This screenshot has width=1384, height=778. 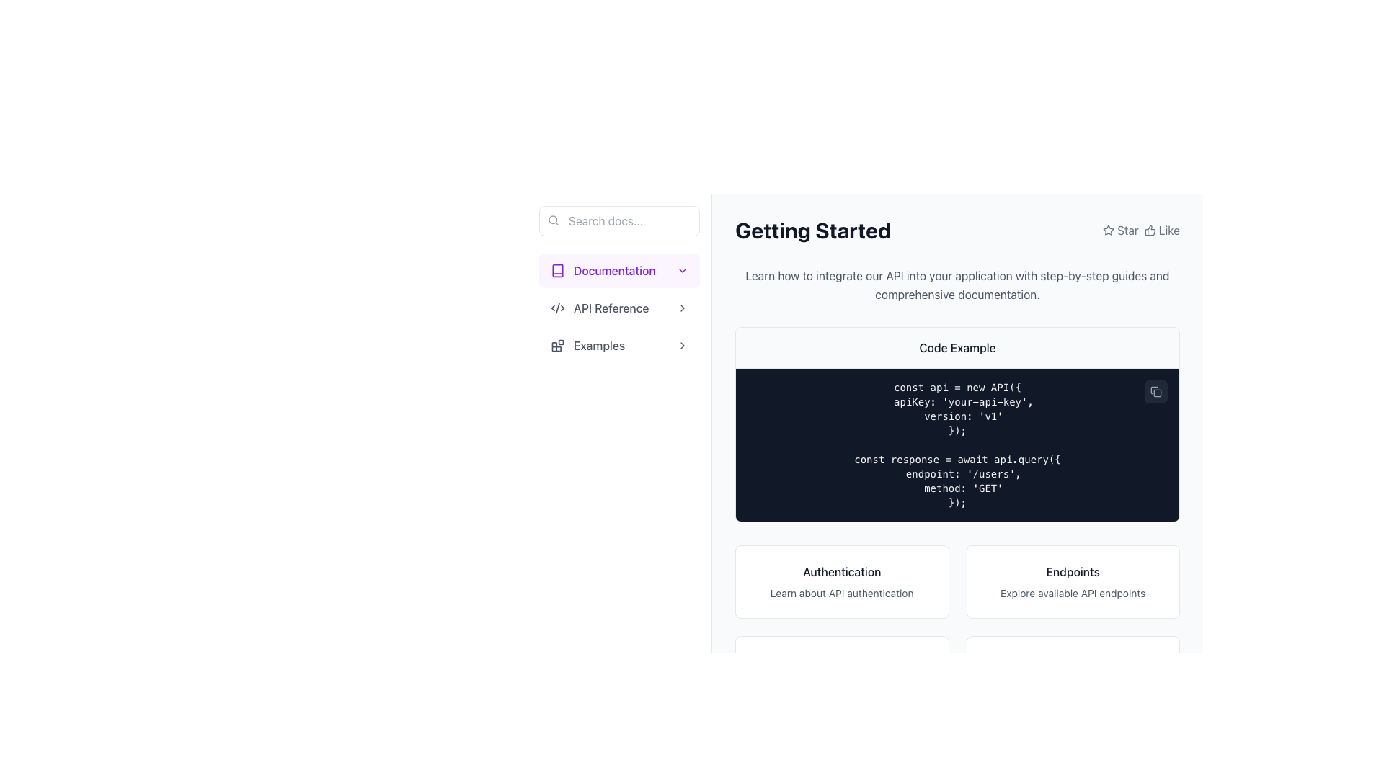 I want to click on the header element with the text 'Code Example' that is located within a bordered code block and has a light gray background, so click(x=957, y=348).